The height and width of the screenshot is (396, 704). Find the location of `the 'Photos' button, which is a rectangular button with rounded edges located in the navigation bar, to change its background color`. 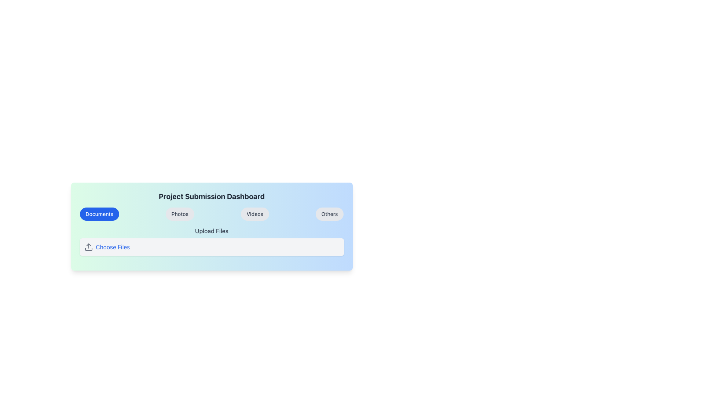

the 'Photos' button, which is a rectangular button with rounded edges located in the navigation bar, to change its background color is located at coordinates (180, 214).